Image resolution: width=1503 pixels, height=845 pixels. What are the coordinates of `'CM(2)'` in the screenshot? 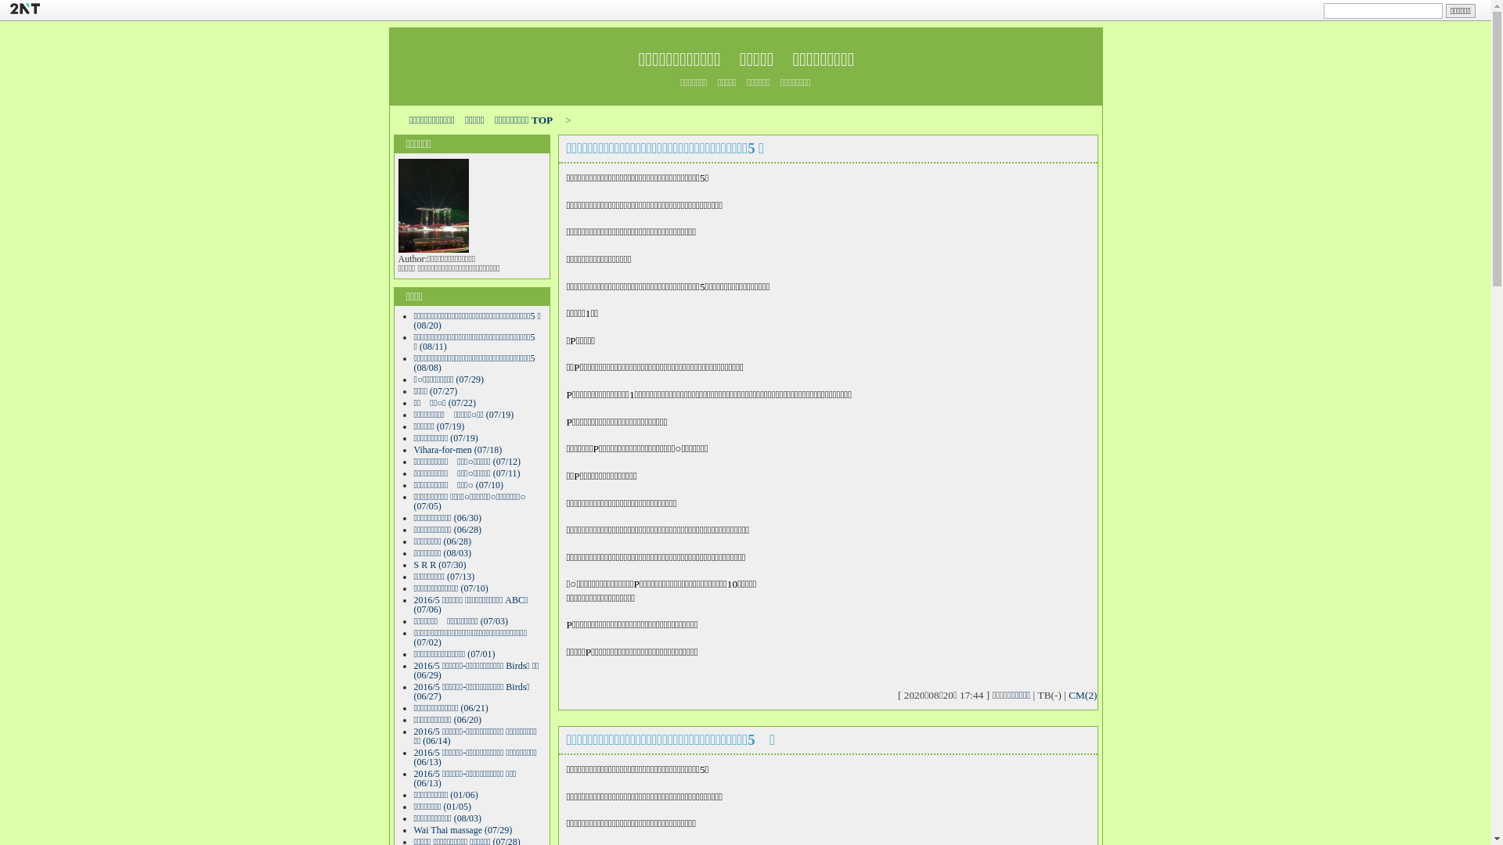 It's located at (1081, 694).